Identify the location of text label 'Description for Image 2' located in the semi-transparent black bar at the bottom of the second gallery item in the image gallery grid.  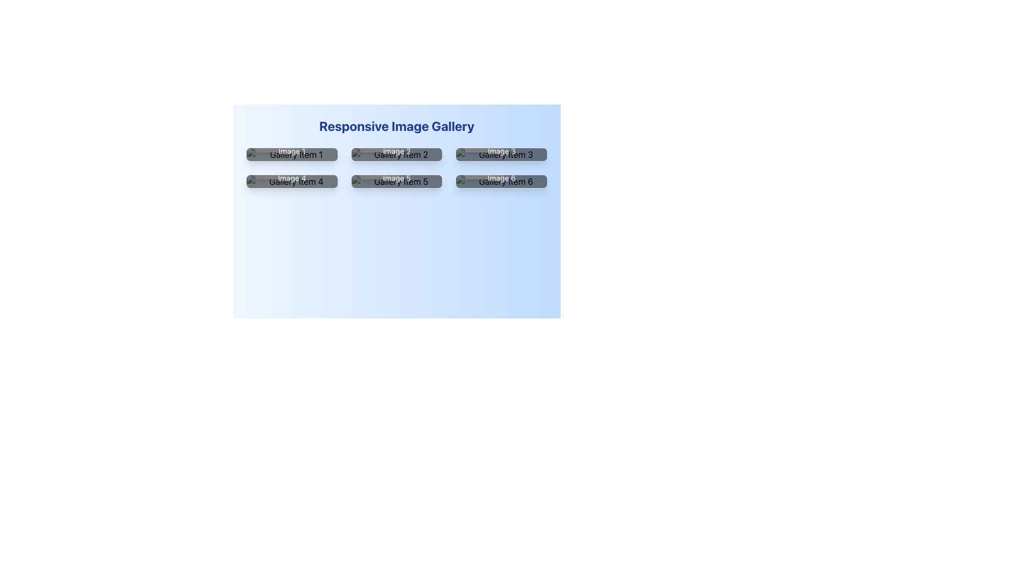
(396, 145).